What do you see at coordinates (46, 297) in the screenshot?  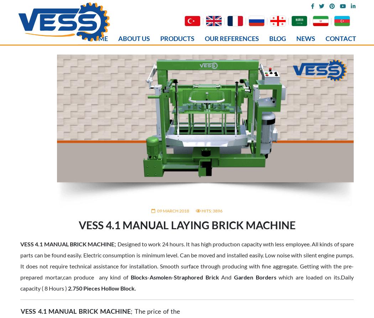 I see `'Control System'` at bounding box center [46, 297].